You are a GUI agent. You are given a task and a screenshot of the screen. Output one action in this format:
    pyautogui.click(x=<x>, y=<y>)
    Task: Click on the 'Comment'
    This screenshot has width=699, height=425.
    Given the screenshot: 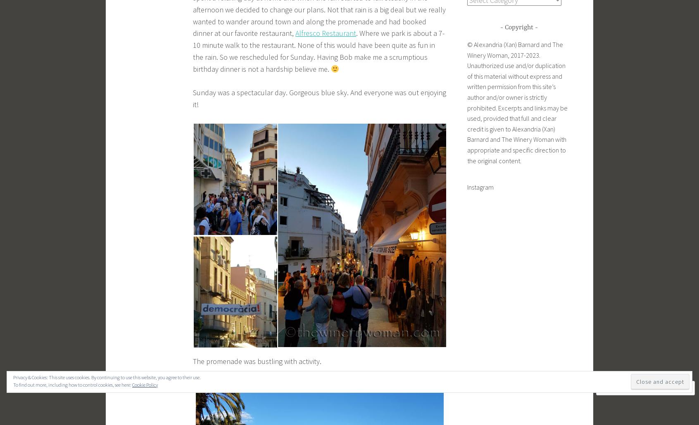 What is the action you would take?
    pyautogui.click(x=624, y=387)
    